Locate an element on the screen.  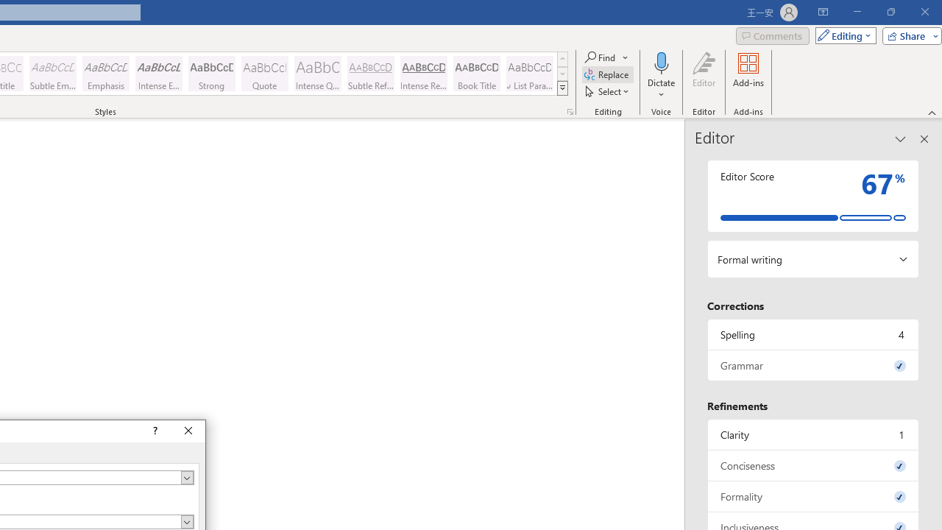
'Grammar, 0 issues. Press space or enter to review items.' is located at coordinates (812, 364).